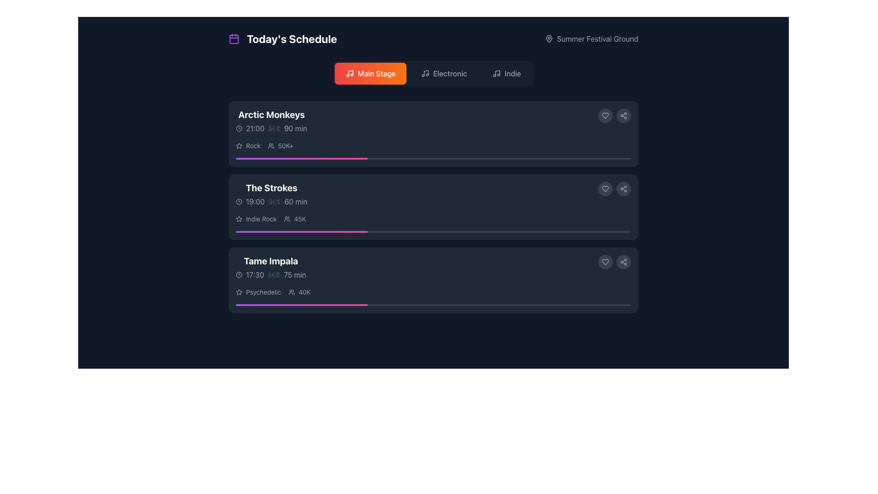 The height and width of the screenshot is (494, 878). Describe the element at coordinates (605, 115) in the screenshot. I see `the heart-shaped icon filled in dark color located on the right side of the top card in a stacked card layout` at that location.